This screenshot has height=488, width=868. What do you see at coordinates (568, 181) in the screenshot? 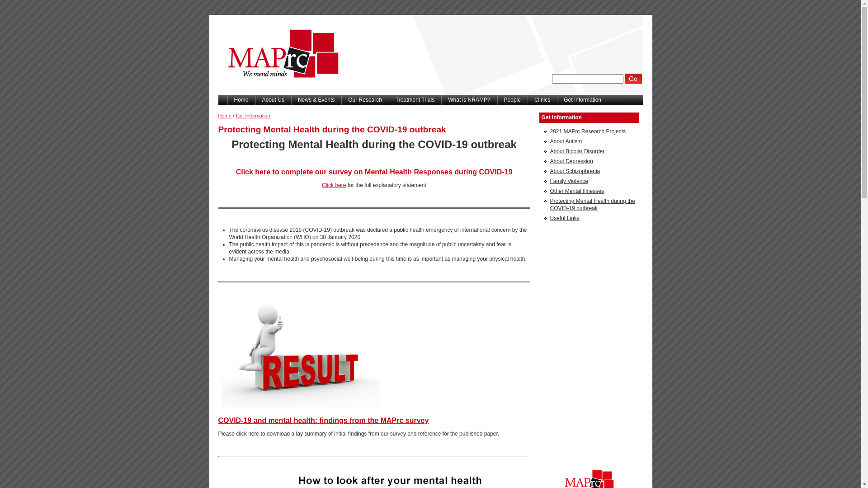
I see `'Family Violence'` at bounding box center [568, 181].